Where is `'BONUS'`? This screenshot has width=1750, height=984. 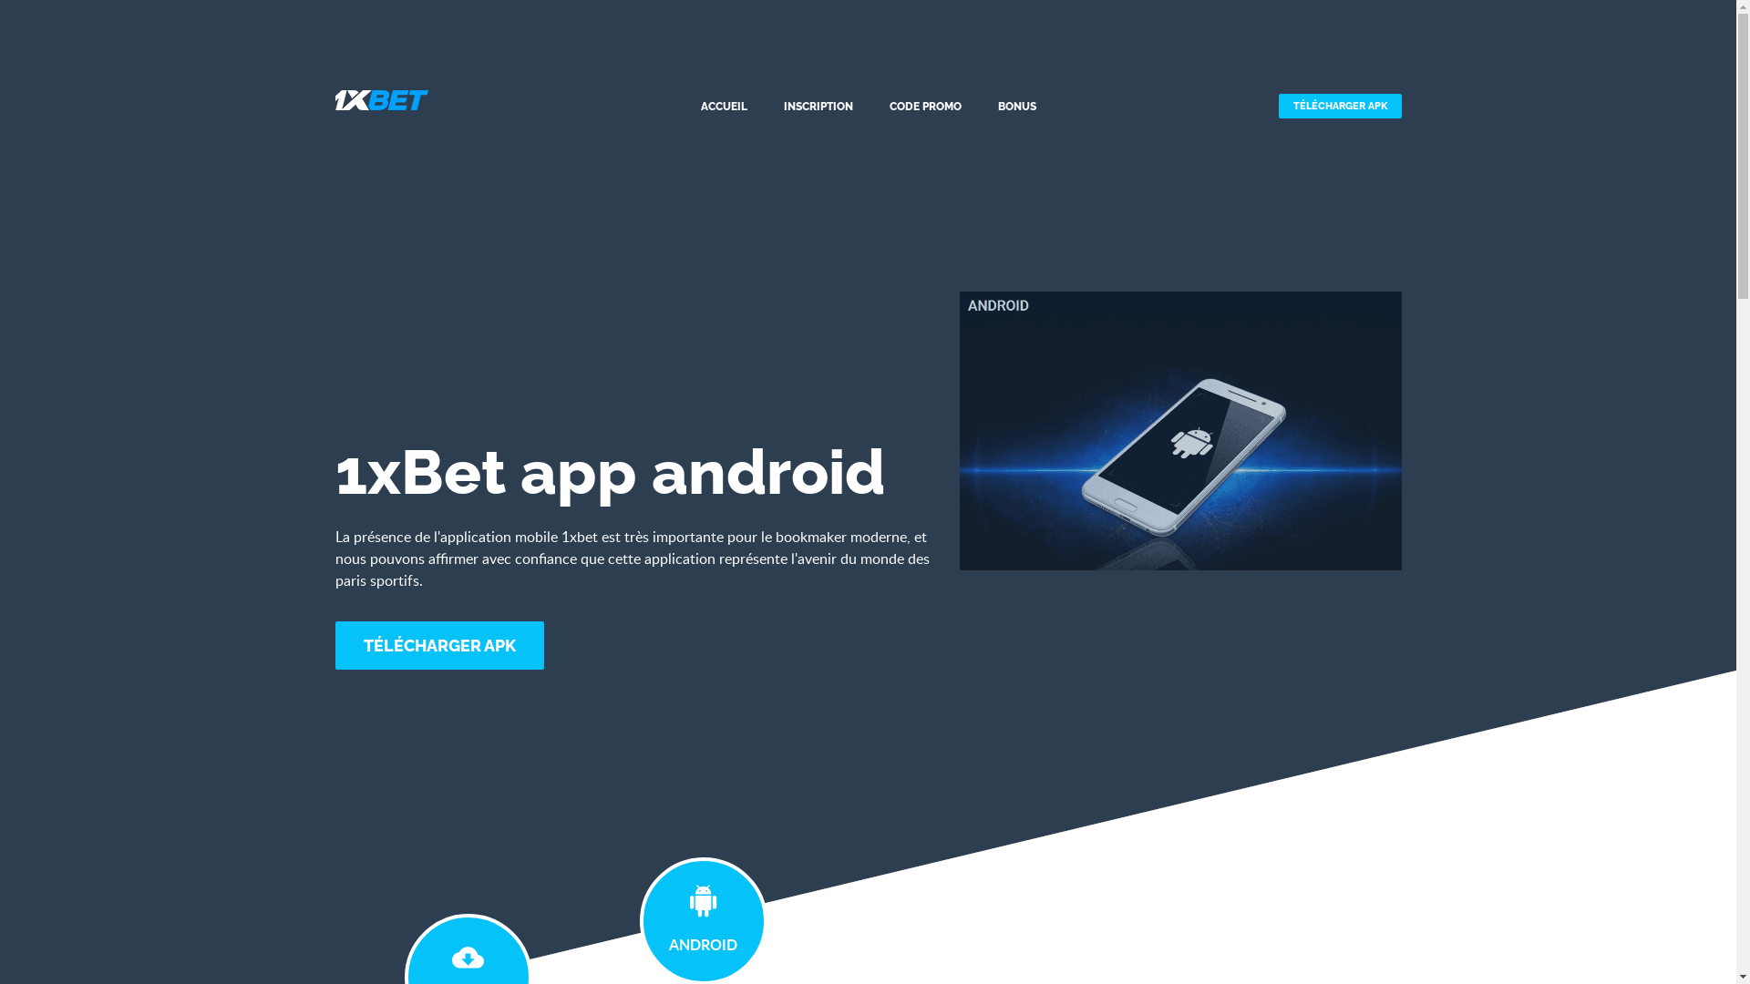 'BONUS' is located at coordinates (1016, 106).